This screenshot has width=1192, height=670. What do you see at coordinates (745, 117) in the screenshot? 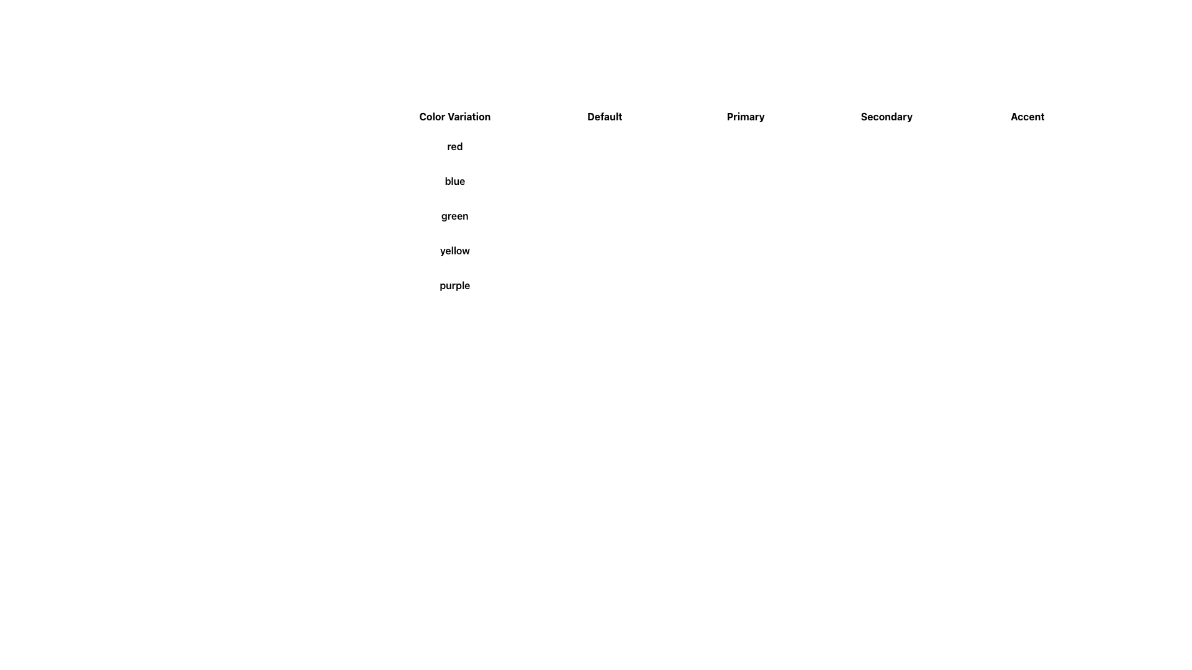
I see `the 'Primary' text label, which is styled with medium font weight and black color, positioned third among five horizontal labels` at bounding box center [745, 117].